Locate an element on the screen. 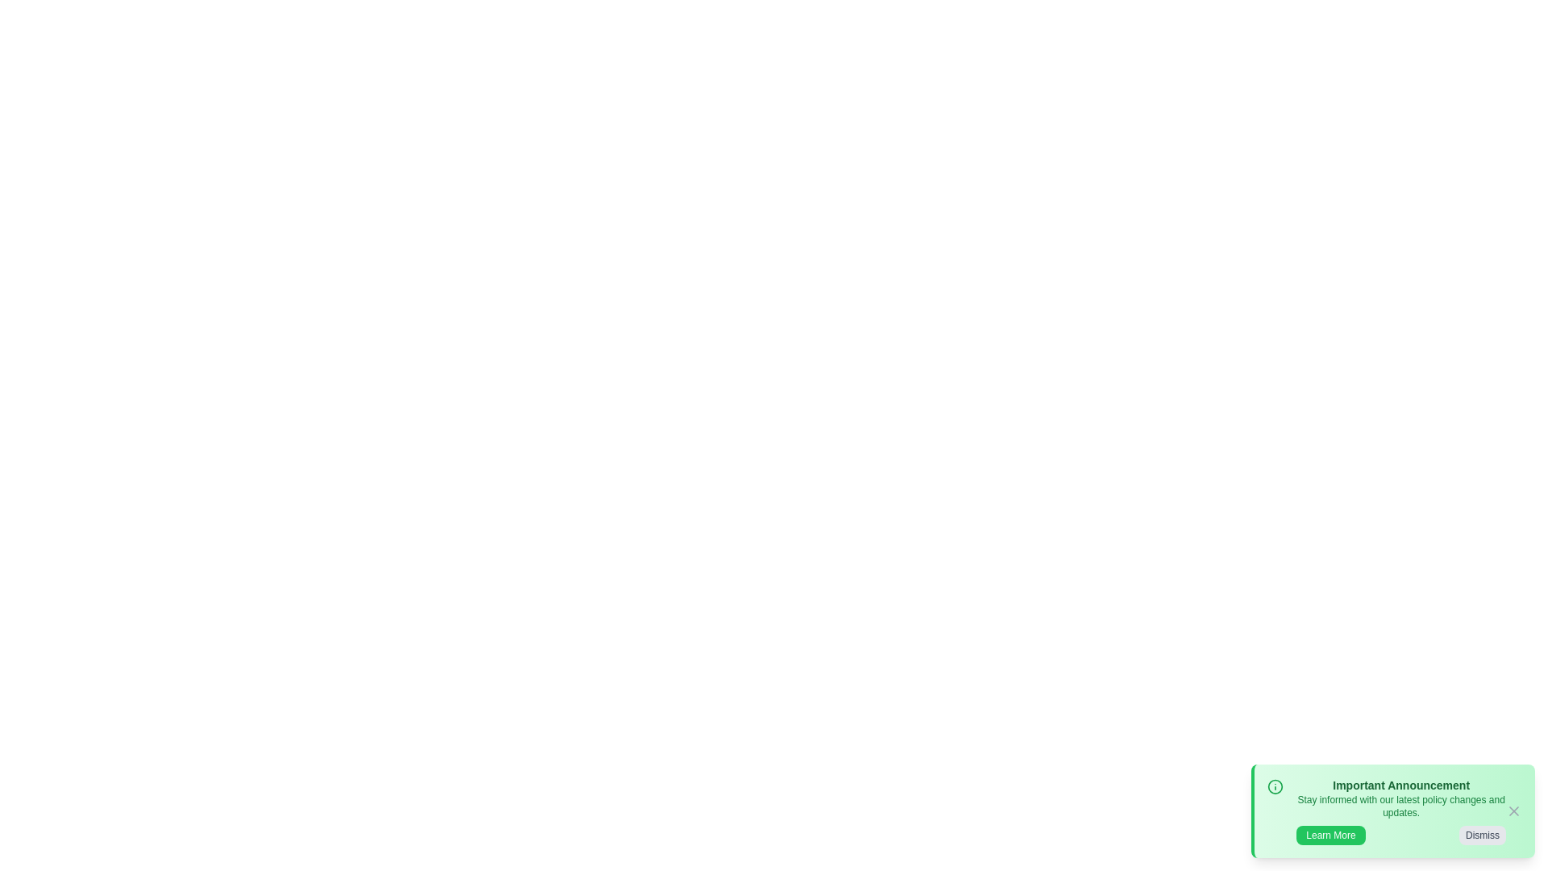 The width and height of the screenshot is (1548, 871). the 'Learn More' button to navigate to more information is located at coordinates (1331, 835).